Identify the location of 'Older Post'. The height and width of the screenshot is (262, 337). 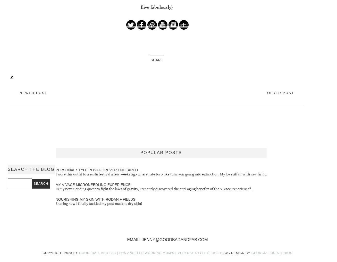
(280, 92).